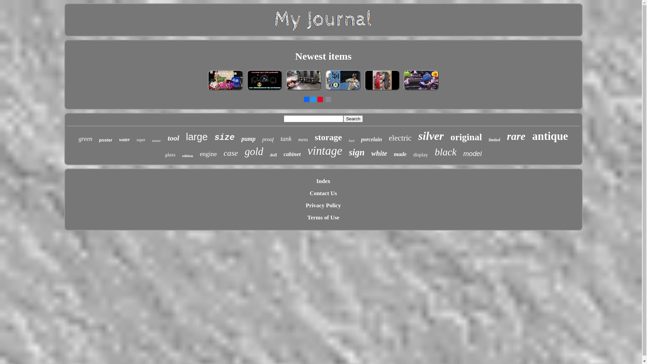  What do you see at coordinates (268, 139) in the screenshot?
I see `'proof'` at bounding box center [268, 139].